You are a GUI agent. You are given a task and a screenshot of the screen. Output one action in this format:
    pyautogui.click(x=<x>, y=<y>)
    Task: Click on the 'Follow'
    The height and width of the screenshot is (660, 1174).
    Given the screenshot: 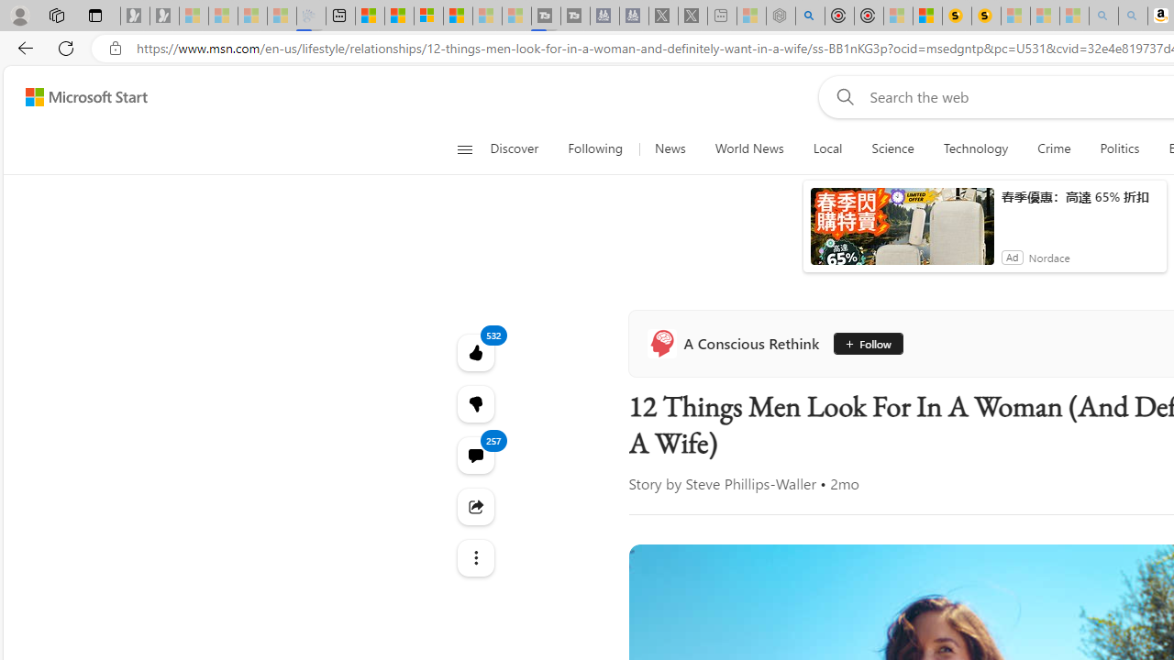 What is the action you would take?
    pyautogui.click(x=867, y=344)
    